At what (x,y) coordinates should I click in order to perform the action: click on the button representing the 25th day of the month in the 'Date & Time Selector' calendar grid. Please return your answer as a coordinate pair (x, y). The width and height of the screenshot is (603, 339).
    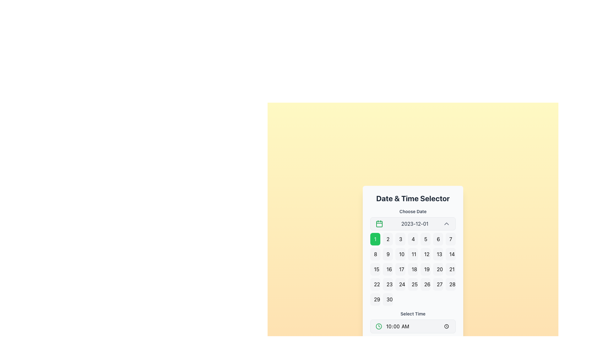
    Looking at the image, I should click on (413, 284).